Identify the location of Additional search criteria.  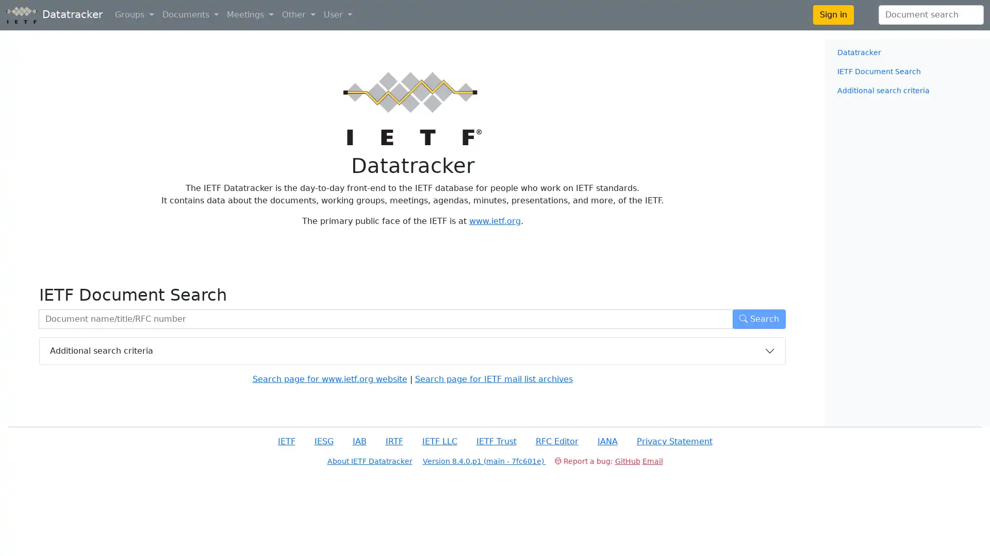
(412, 350).